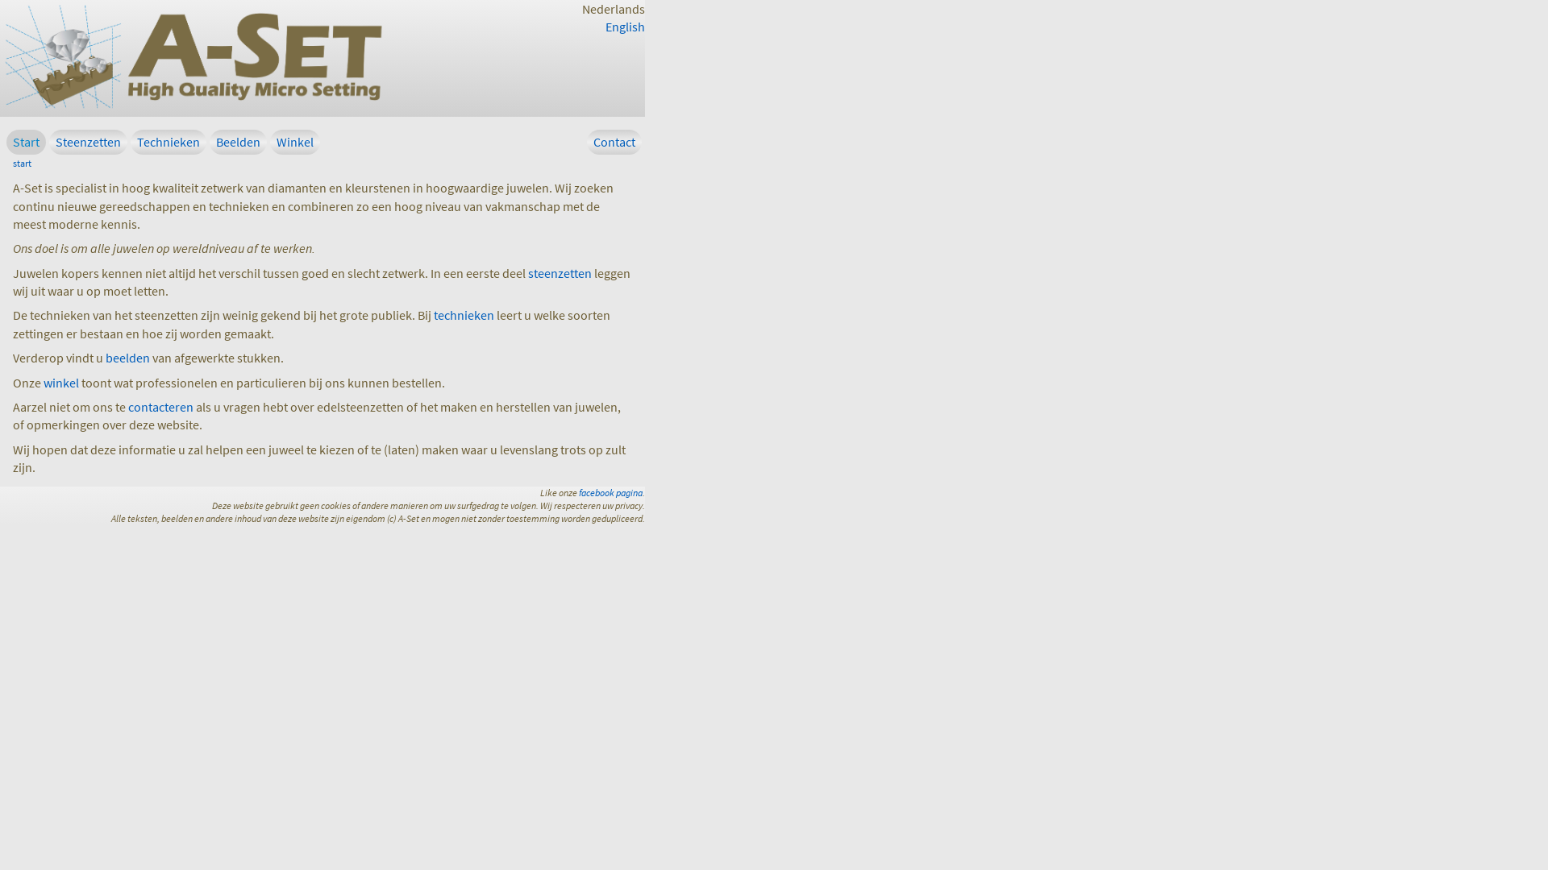  What do you see at coordinates (610, 491) in the screenshot?
I see `'facebook pagina'` at bounding box center [610, 491].